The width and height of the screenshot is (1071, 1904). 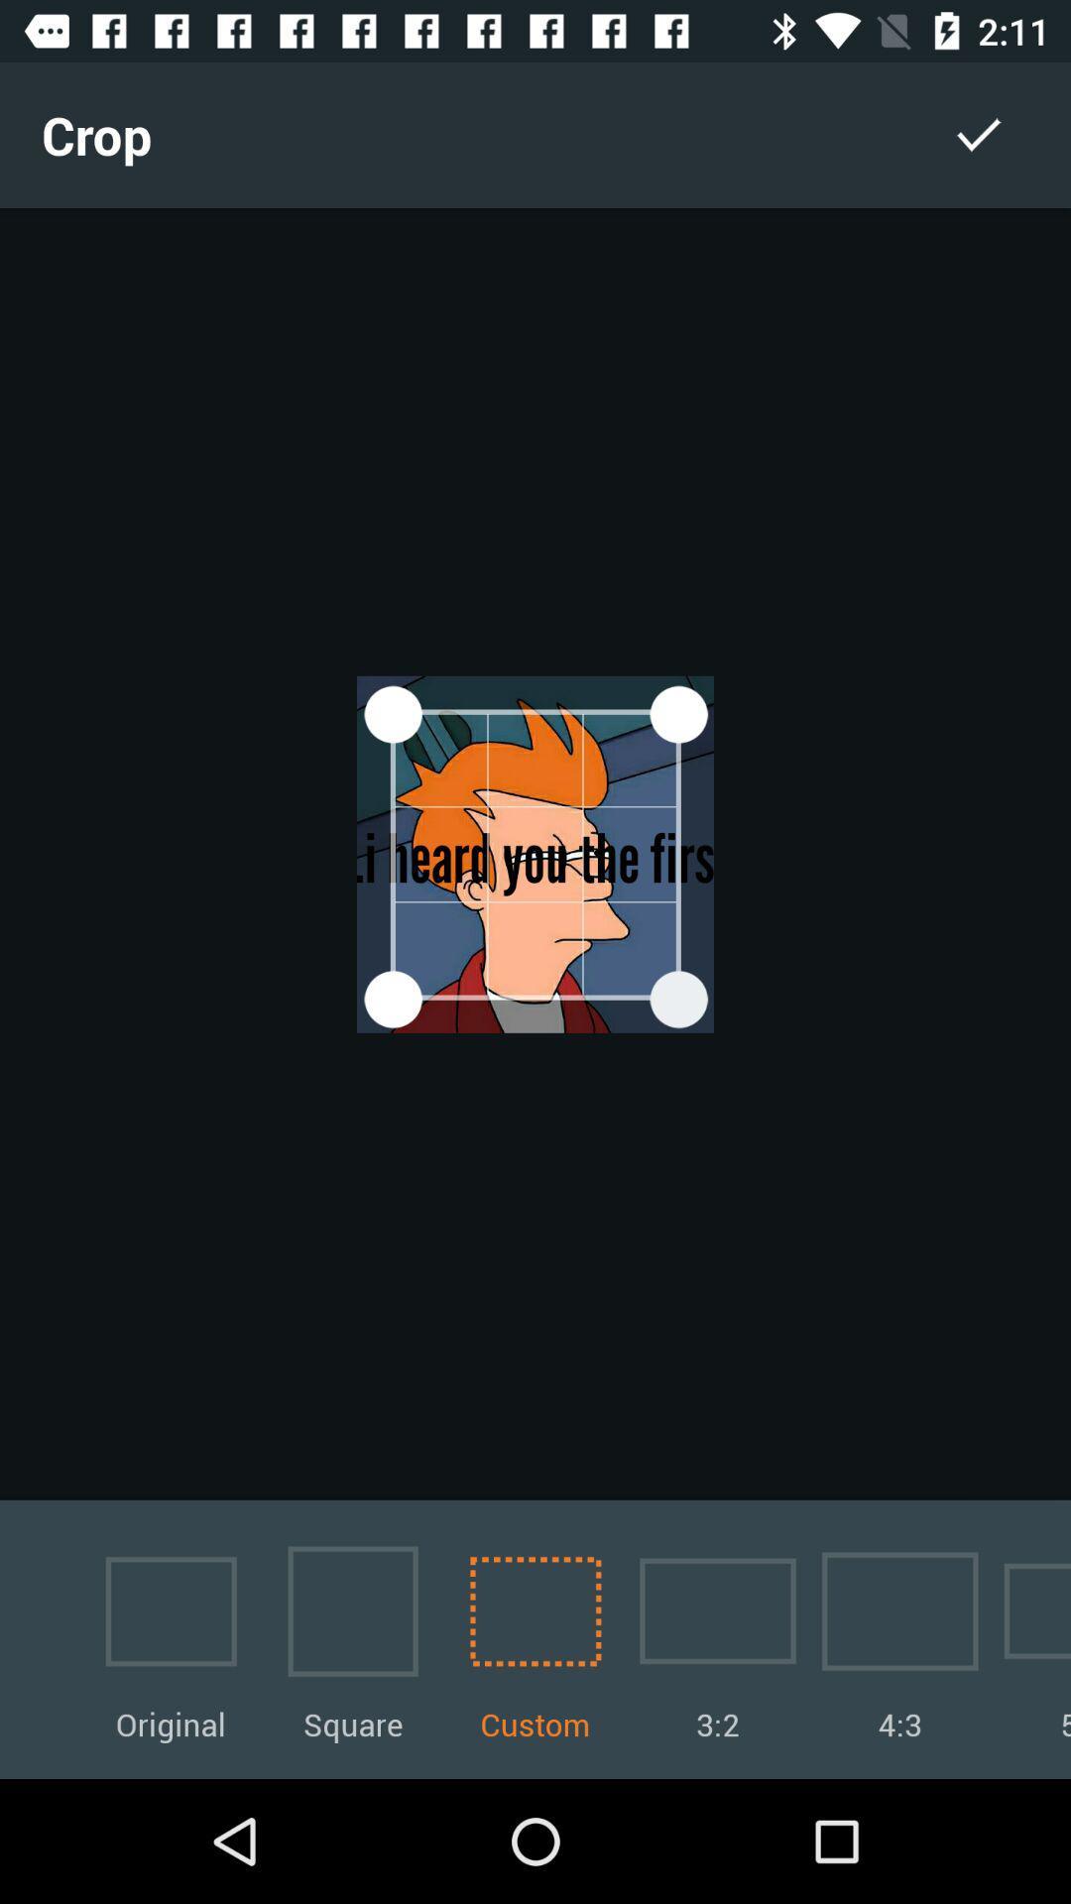 I want to click on the icon at the top right corner, so click(x=978, y=134).